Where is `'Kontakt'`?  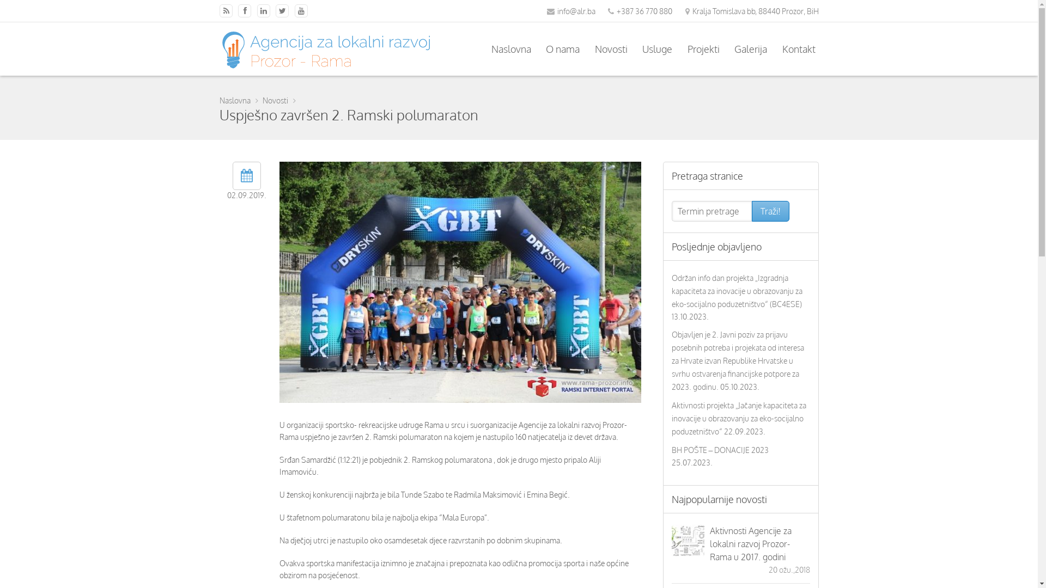 'Kontakt' is located at coordinates (799, 48).